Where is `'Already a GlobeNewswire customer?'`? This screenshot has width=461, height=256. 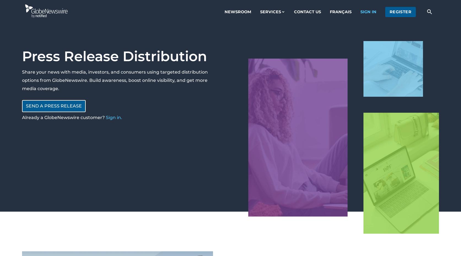 'Already a GlobeNewswire customer?' is located at coordinates (64, 117).